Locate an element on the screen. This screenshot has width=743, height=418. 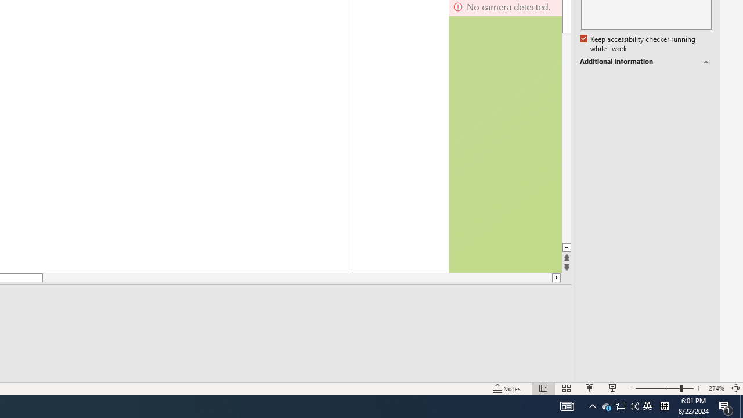
'Line down' is located at coordinates (567, 247).